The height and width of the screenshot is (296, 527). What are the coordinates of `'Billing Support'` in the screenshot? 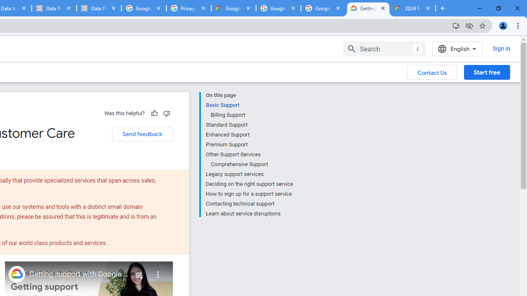 It's located at (251, 115).